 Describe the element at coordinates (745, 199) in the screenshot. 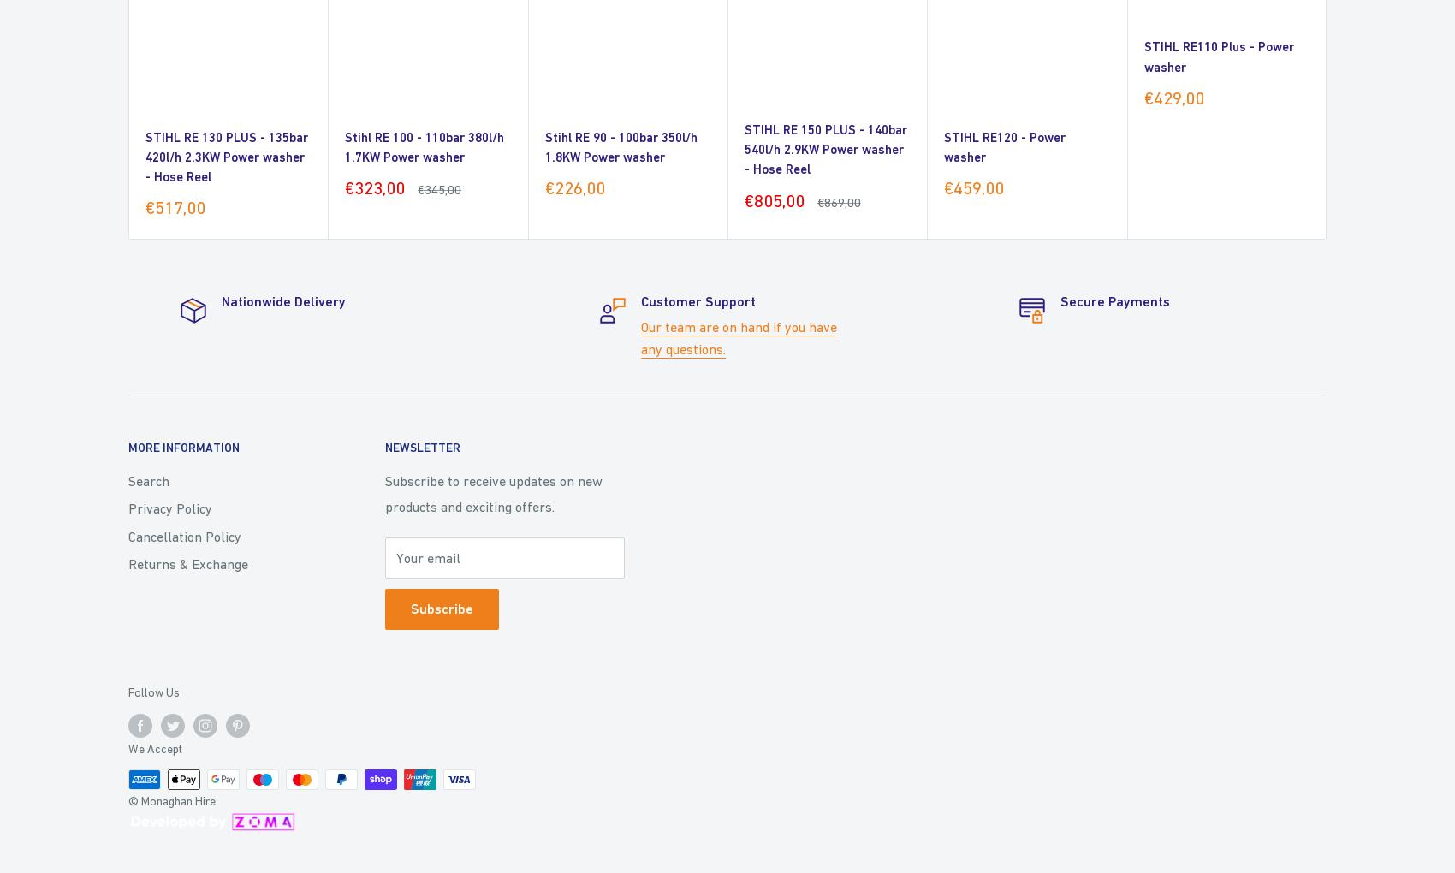

I see `'€805,00'` at that location.